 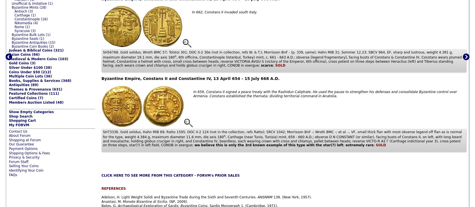 What do you see at coordinates (17, 179) in the screenshot?
I see `'zoom.asp'` at bounding box center [17, 179].